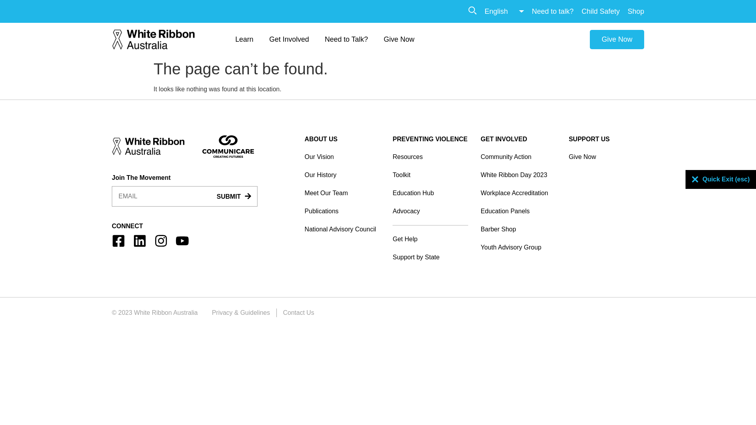 This screenshot has width=756, height=425. I want to click on 'SUBMIT', so click(233, 196).